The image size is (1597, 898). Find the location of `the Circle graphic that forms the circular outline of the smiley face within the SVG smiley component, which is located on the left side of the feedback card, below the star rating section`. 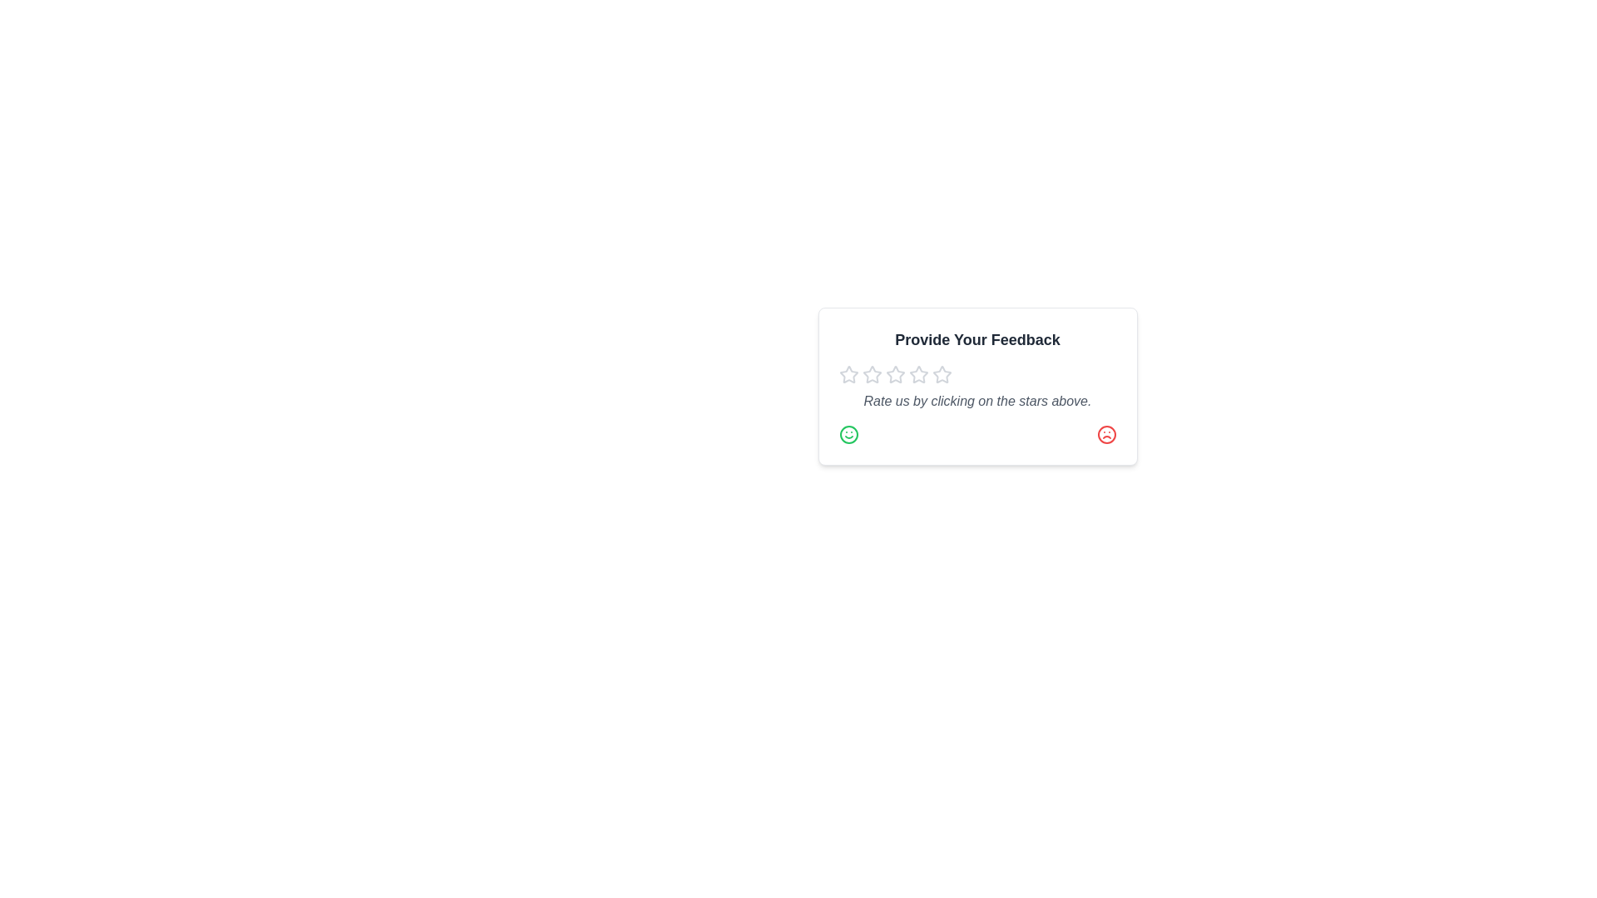

the Circle graphic that forms the circular outline of the smiley face within the SVG smiley component, which is located on the left side of the feedback card, below the star rating section is located at coordinates (848, 434).